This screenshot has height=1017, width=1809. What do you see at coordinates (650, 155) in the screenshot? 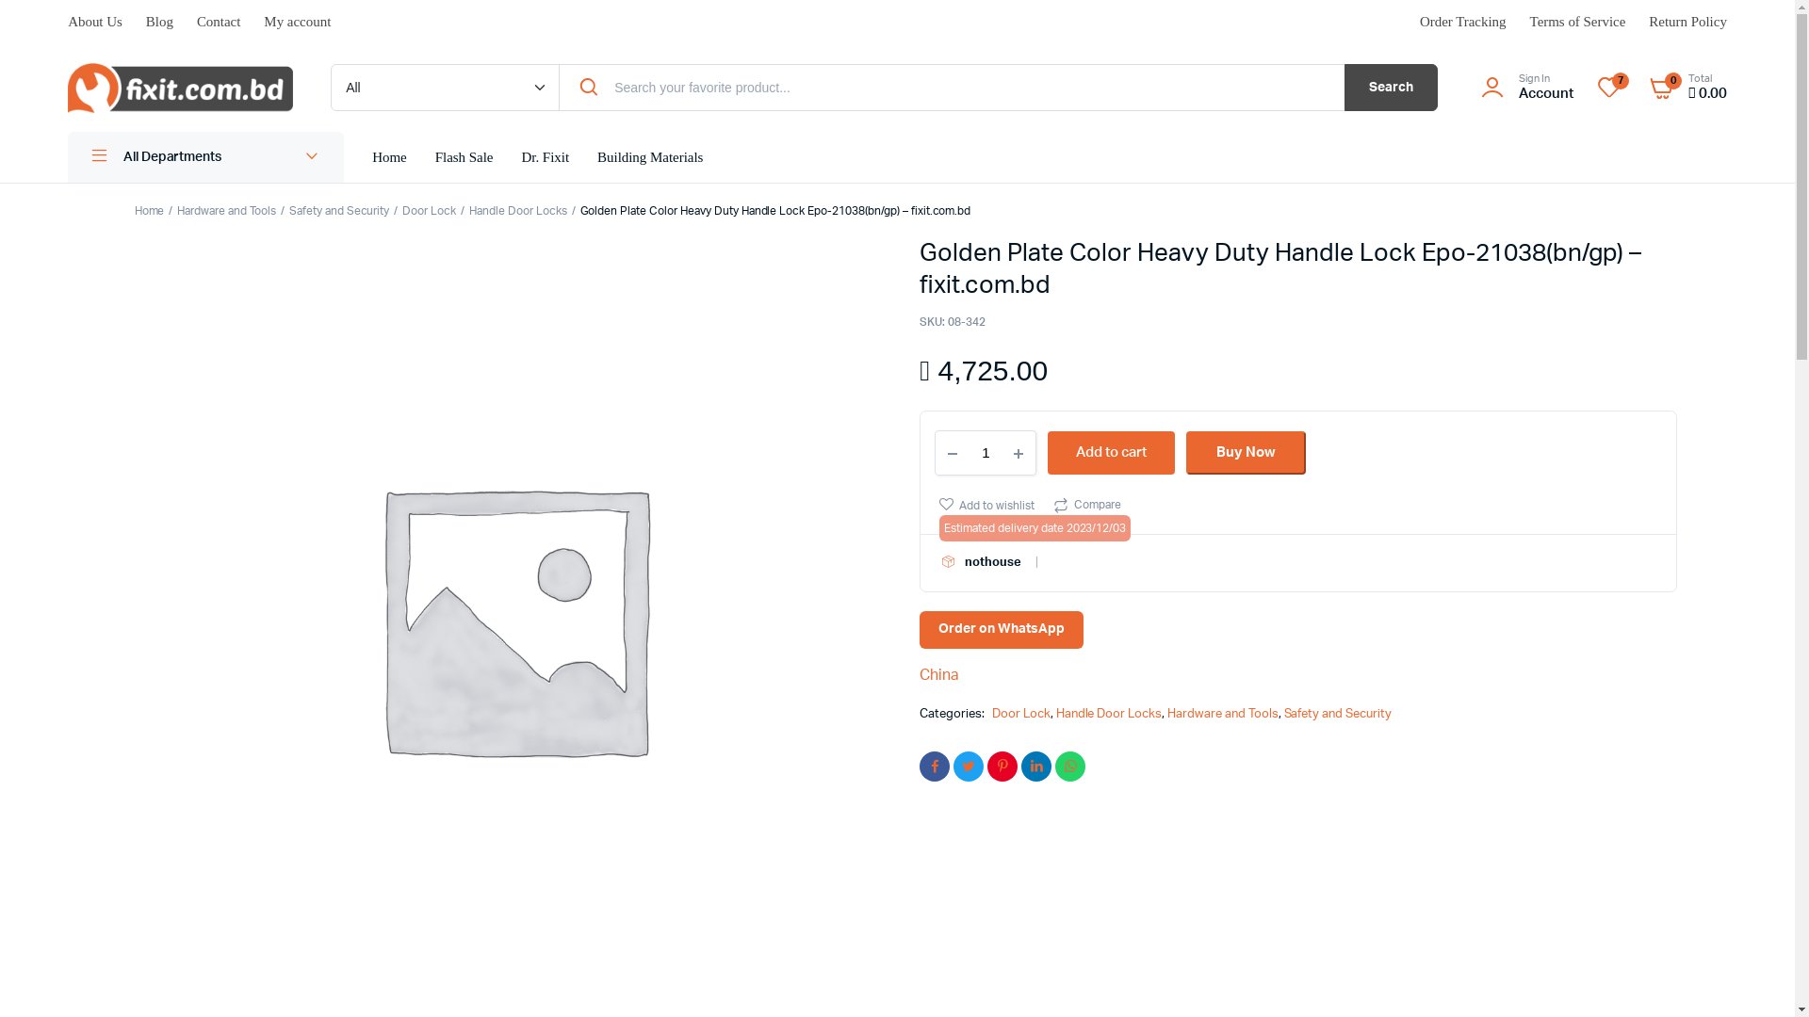
I see `'Building Materials'` at bounding box center [650, 155].